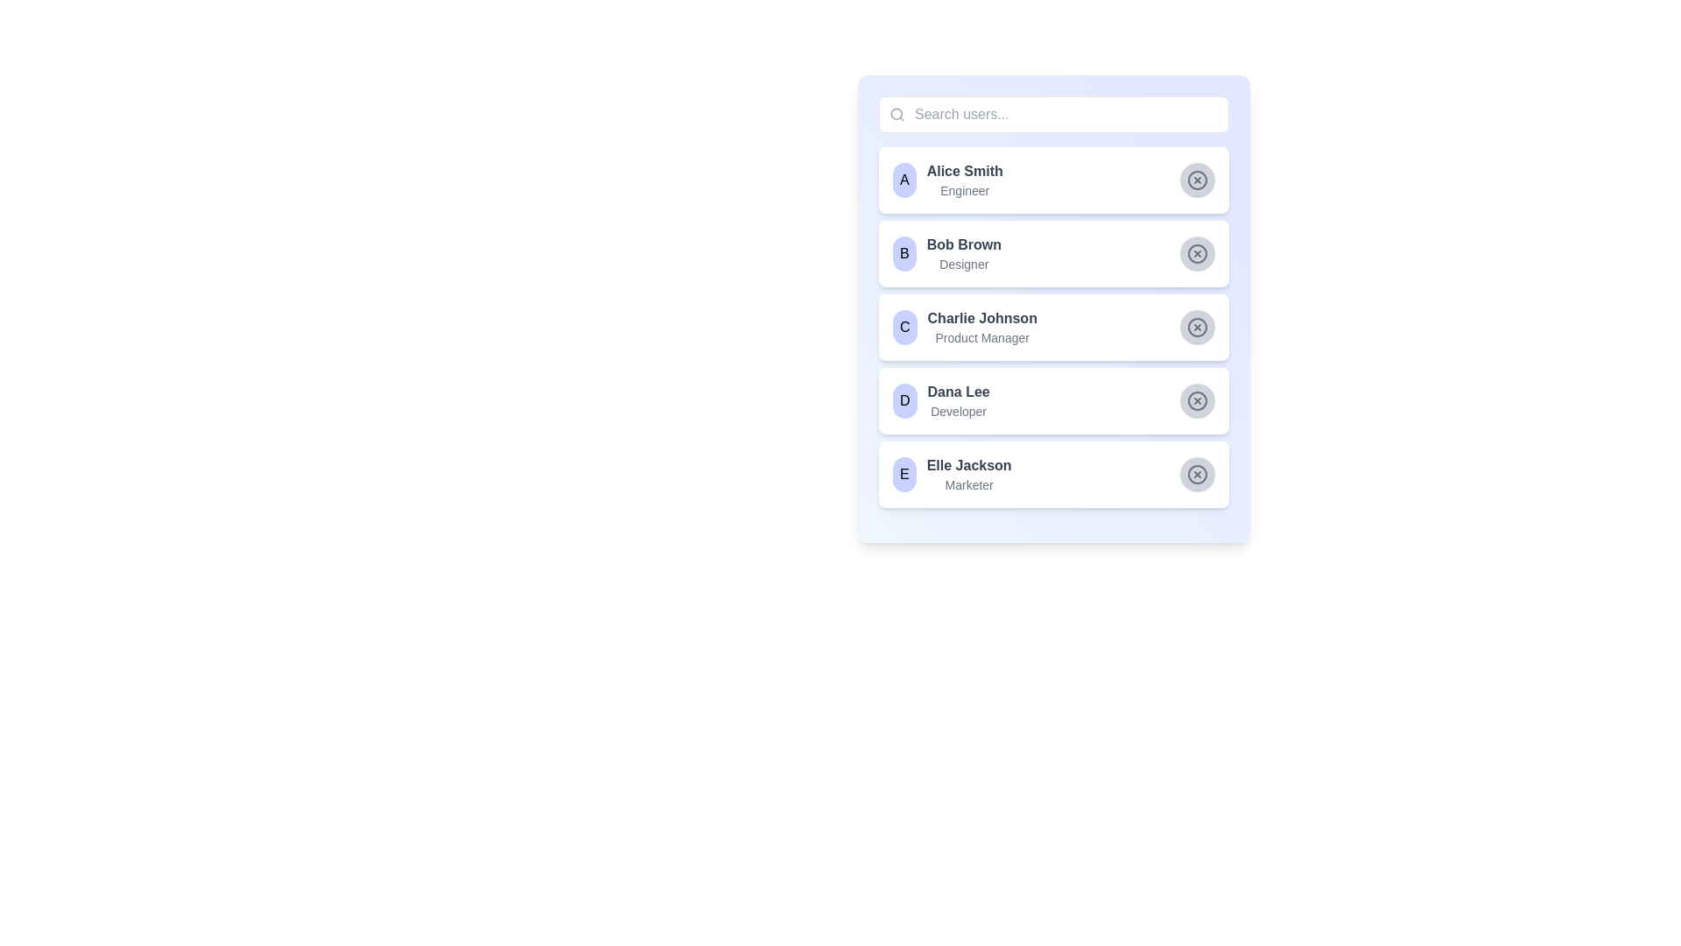  What do you see at coordinates (963, 245) in the screenshot?
I see `text label displaying the name 'Bob Brown' located in the second user card above the designation 'Designer' to identify the user` at bounding box center [963, 245].